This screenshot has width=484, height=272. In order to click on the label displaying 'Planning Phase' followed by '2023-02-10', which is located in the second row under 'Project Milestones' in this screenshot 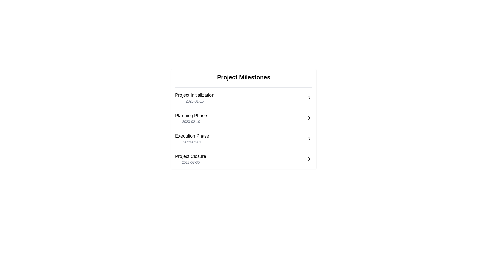, I will do `click(191, 118)`.